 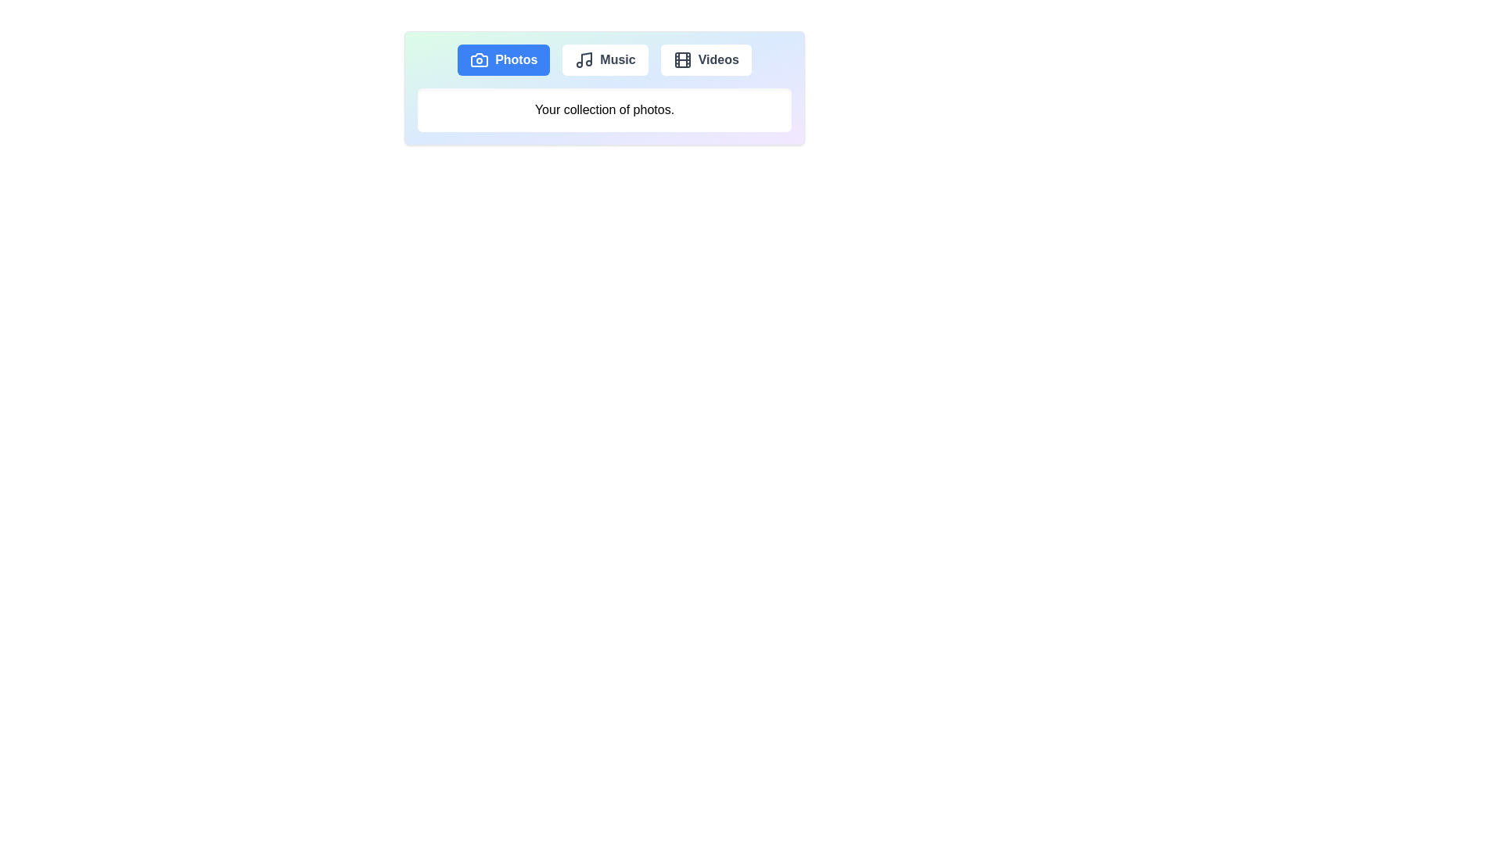 I want to click on the 'Photos' button, which has a blue background and white text, so click(x=504, y=59).